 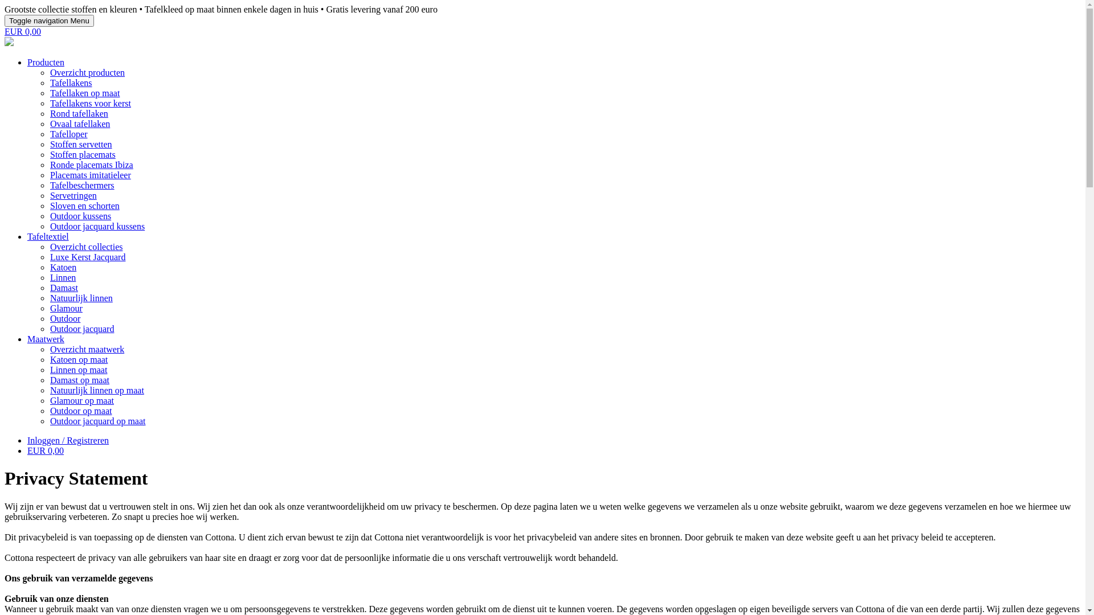 What do you see at coordinates (89, 103) in the screenshot?
I see `'Tafellakens voor kerst'` at bounding box center [89, 103].